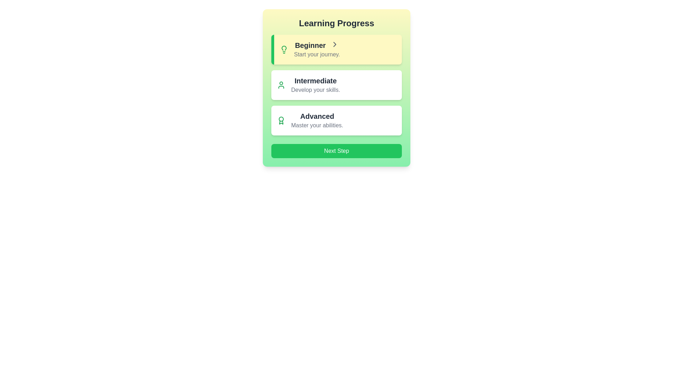  Describe the element at coordinates (334, 45) in the screenshot. I see `the directional icon located in the first row under the 'Learning Progress' section, adjacent to the 'Beginner' label and the description 'Start your journey.'` at that location.